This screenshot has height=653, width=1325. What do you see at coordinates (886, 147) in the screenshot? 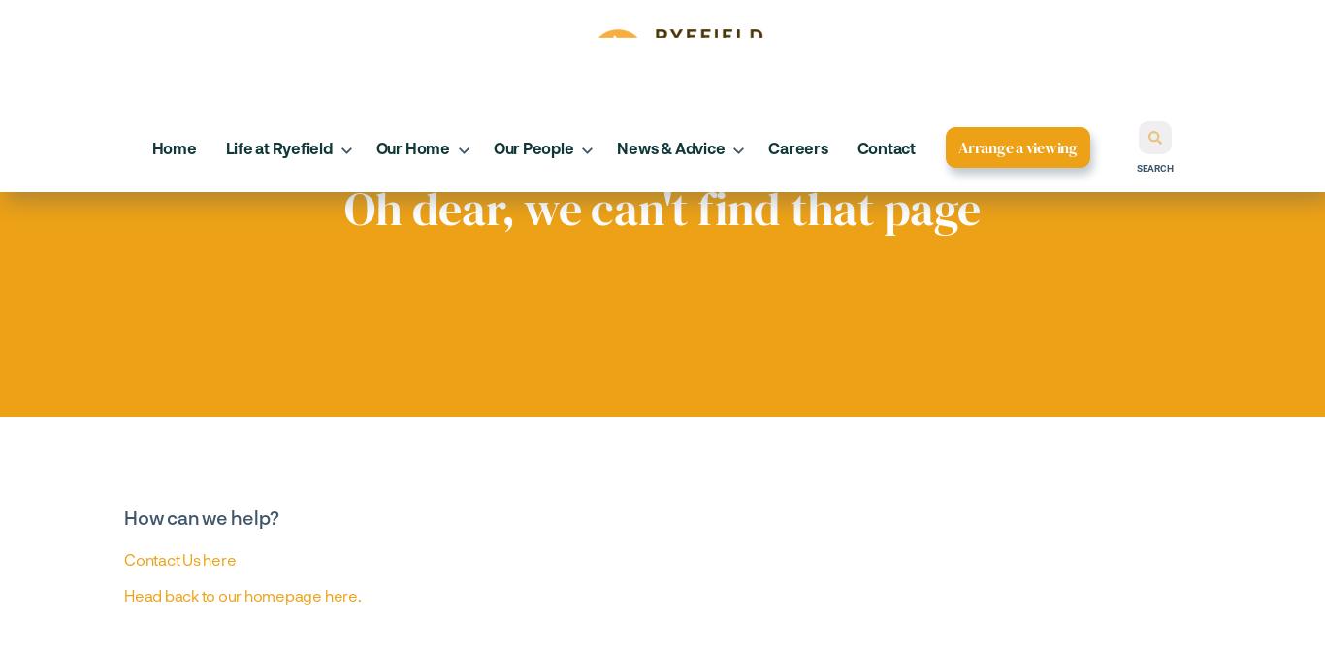
I see `'Contact'` at bounding box center [886, 147].